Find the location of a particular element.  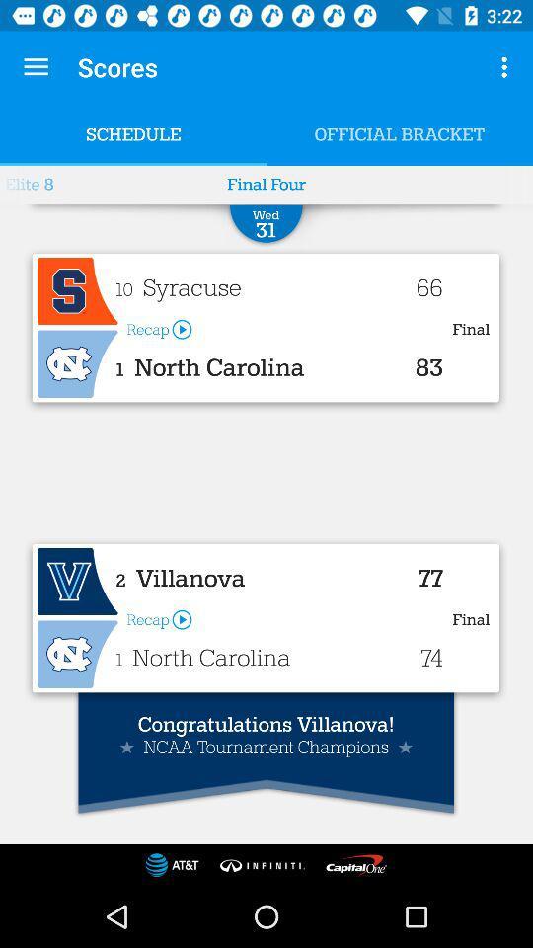

the first star icon is located at coordinates (127, 746).